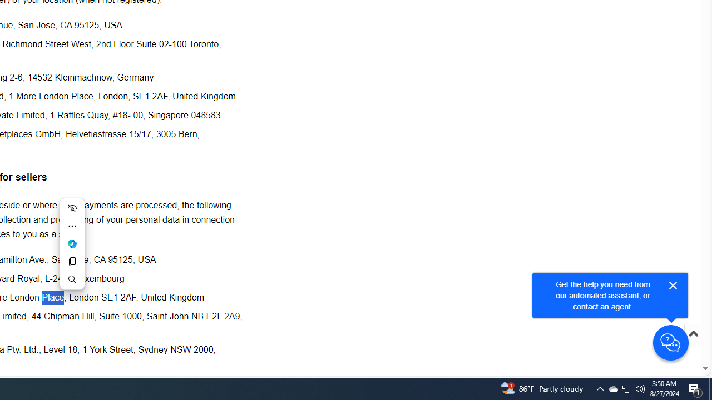 Image resolution: width=712 pixels, height=400 pixels. What do you see at coordinates (71, 208) in the screenshot?
I see `'Hide menu'` at bounding box center [71, 208].